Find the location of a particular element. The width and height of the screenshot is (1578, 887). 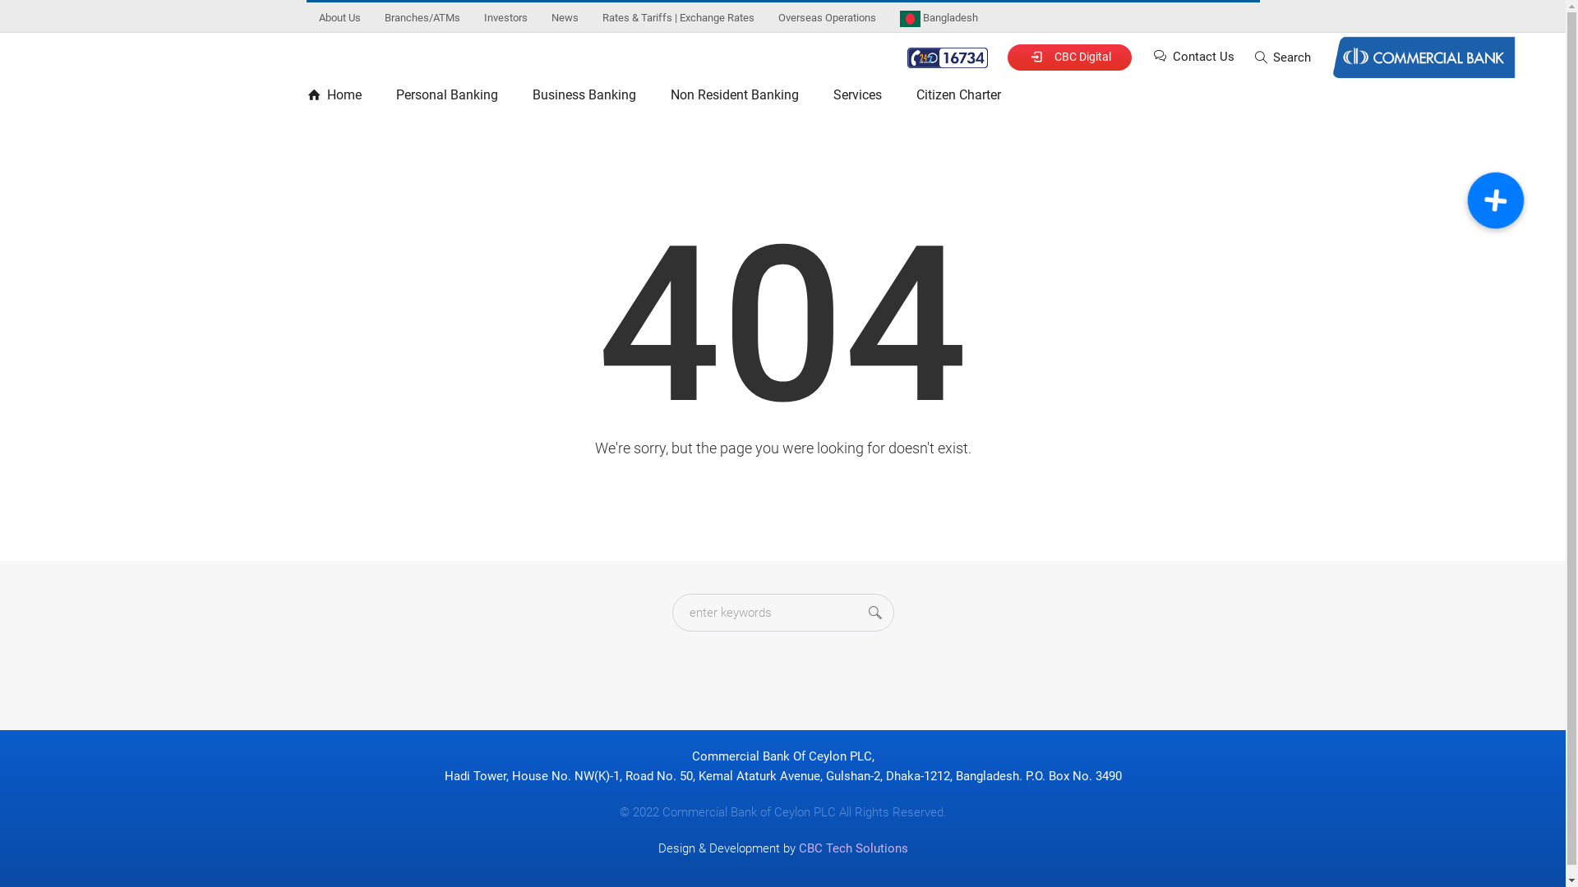

'Services' is located at coordinates (856, 98).